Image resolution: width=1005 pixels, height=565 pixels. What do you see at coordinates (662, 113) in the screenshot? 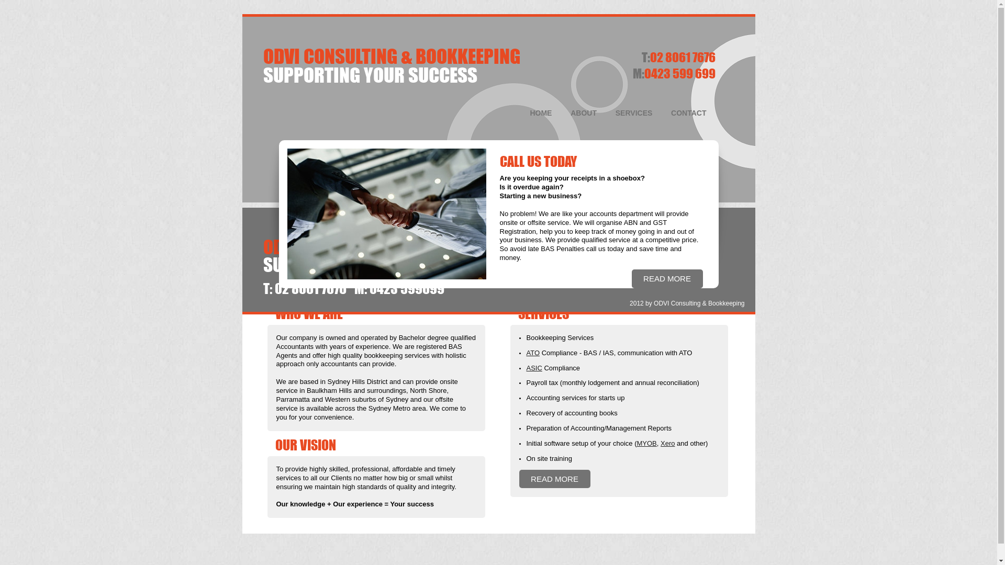
I see `'CONTACT'` at bounding box center [662, 113].